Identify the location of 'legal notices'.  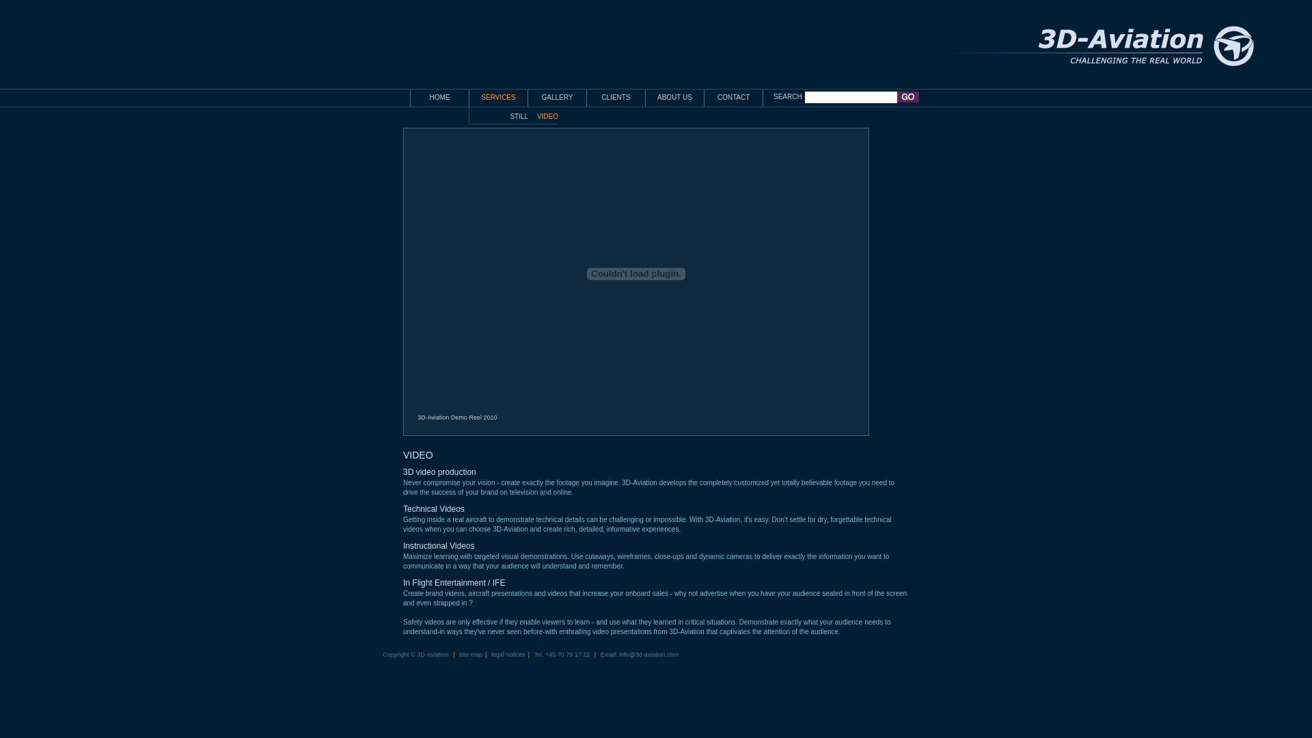
(508, 653).